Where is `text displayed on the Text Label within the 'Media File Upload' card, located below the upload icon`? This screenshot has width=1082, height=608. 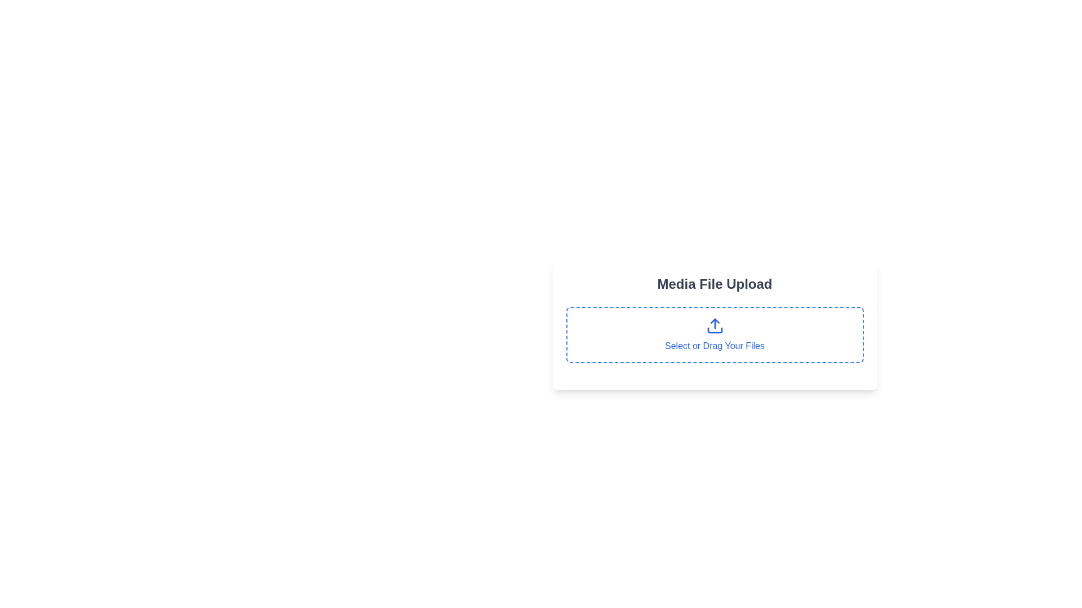
text displayed on the Text Label within the 'Media File Upload' card, located below the upload icon is located at coordinates (714, 345).